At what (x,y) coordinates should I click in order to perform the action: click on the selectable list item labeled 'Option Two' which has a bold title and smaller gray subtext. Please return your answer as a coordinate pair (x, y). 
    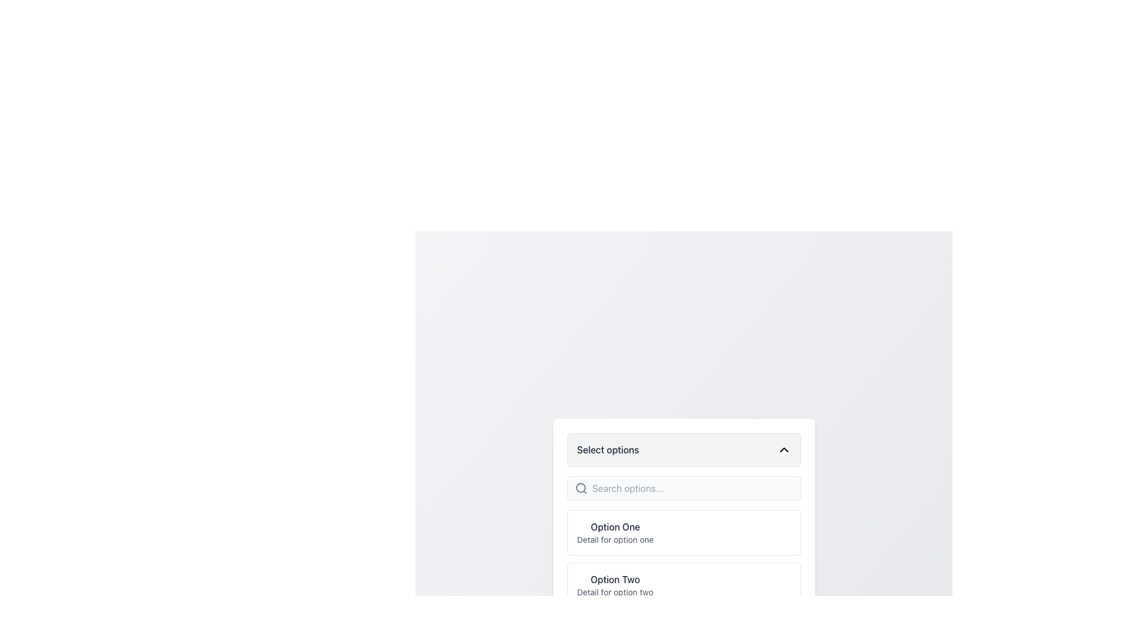
    Looking at the image, I should click on (684, 585).